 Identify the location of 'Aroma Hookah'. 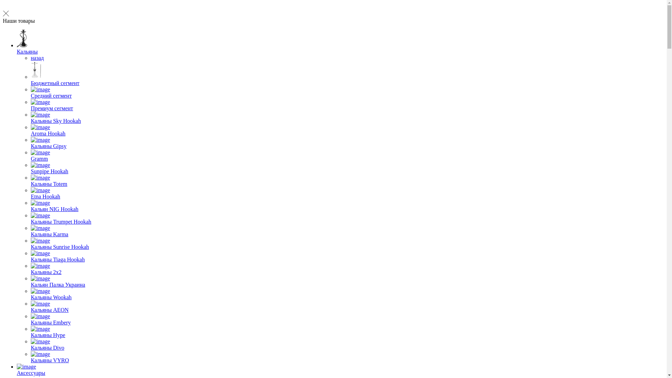
(30, 131).